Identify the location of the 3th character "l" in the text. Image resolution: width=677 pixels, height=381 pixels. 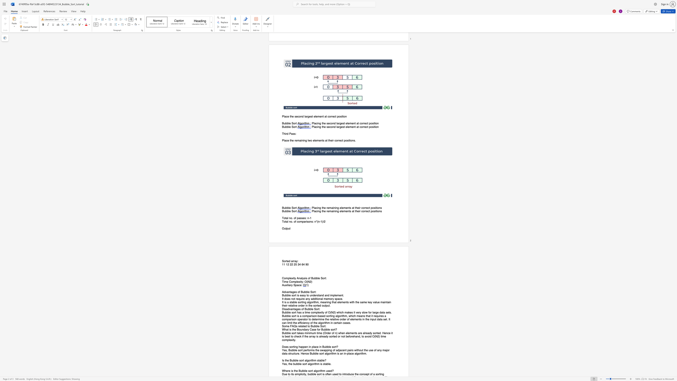
(339, 302).